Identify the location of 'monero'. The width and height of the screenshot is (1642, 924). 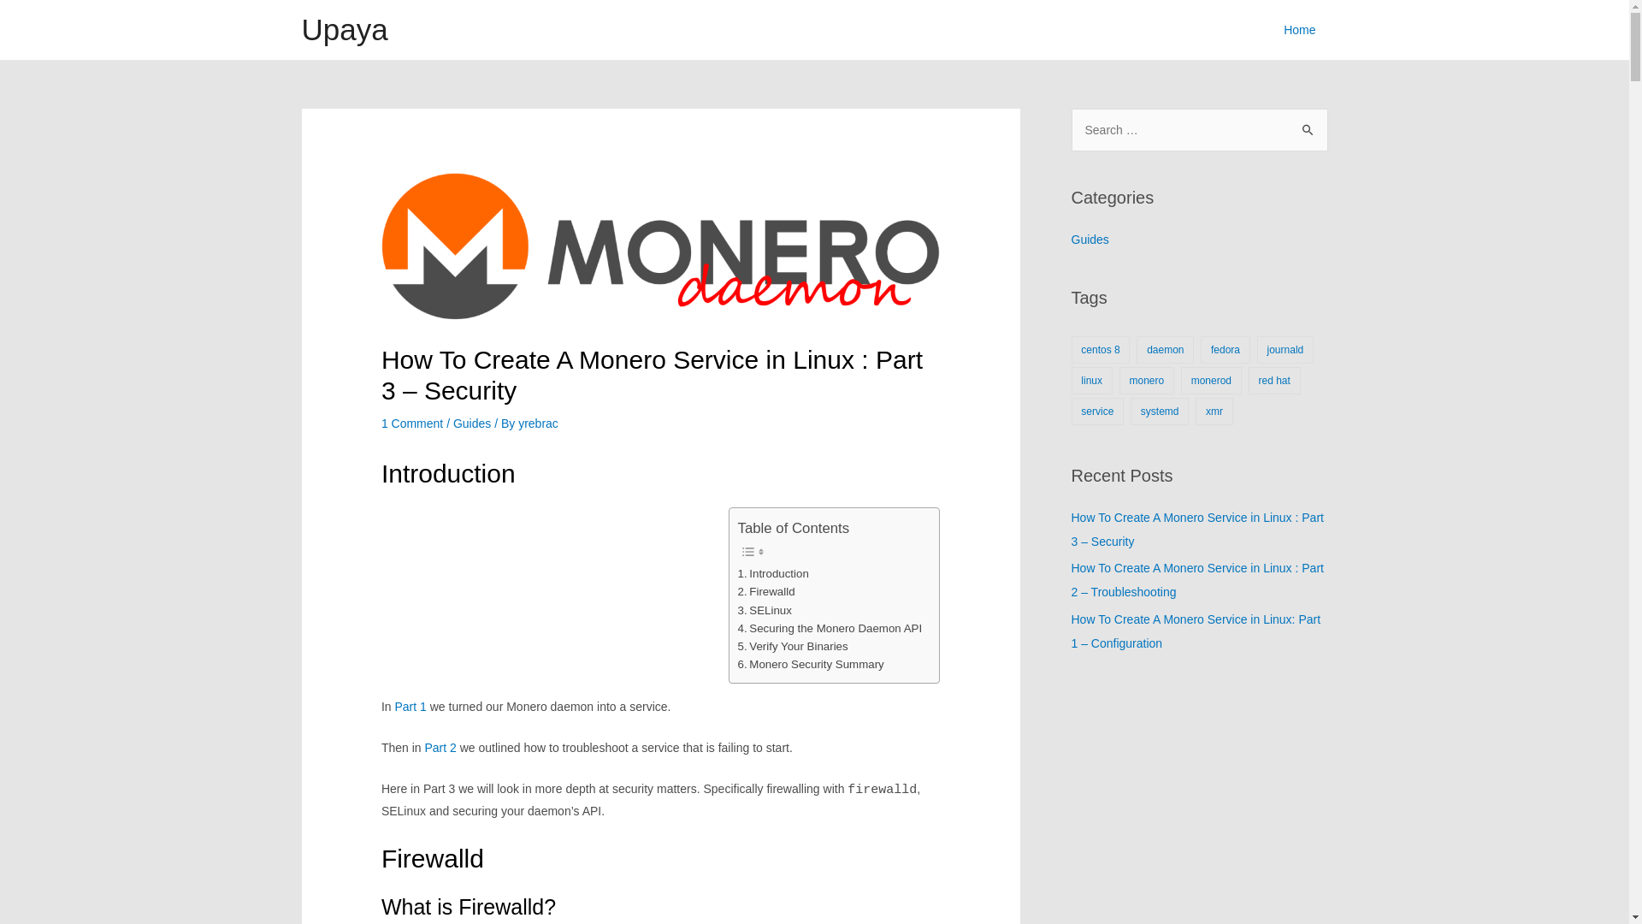
(1146, 379).